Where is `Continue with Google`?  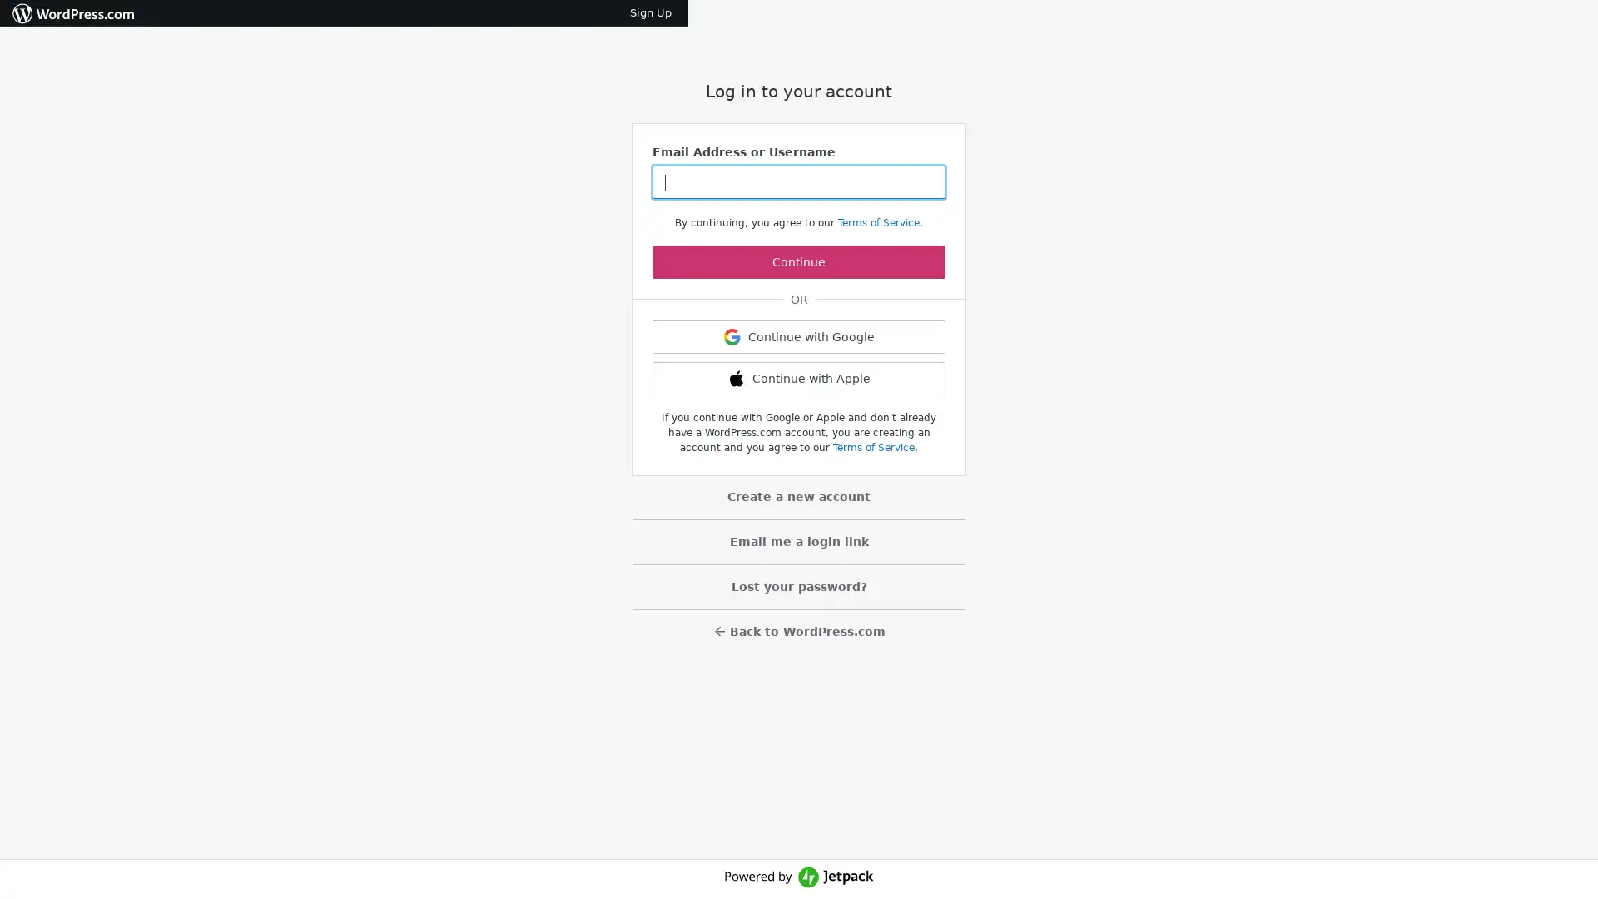 Continue with Google is located at coordinates (799, 337).